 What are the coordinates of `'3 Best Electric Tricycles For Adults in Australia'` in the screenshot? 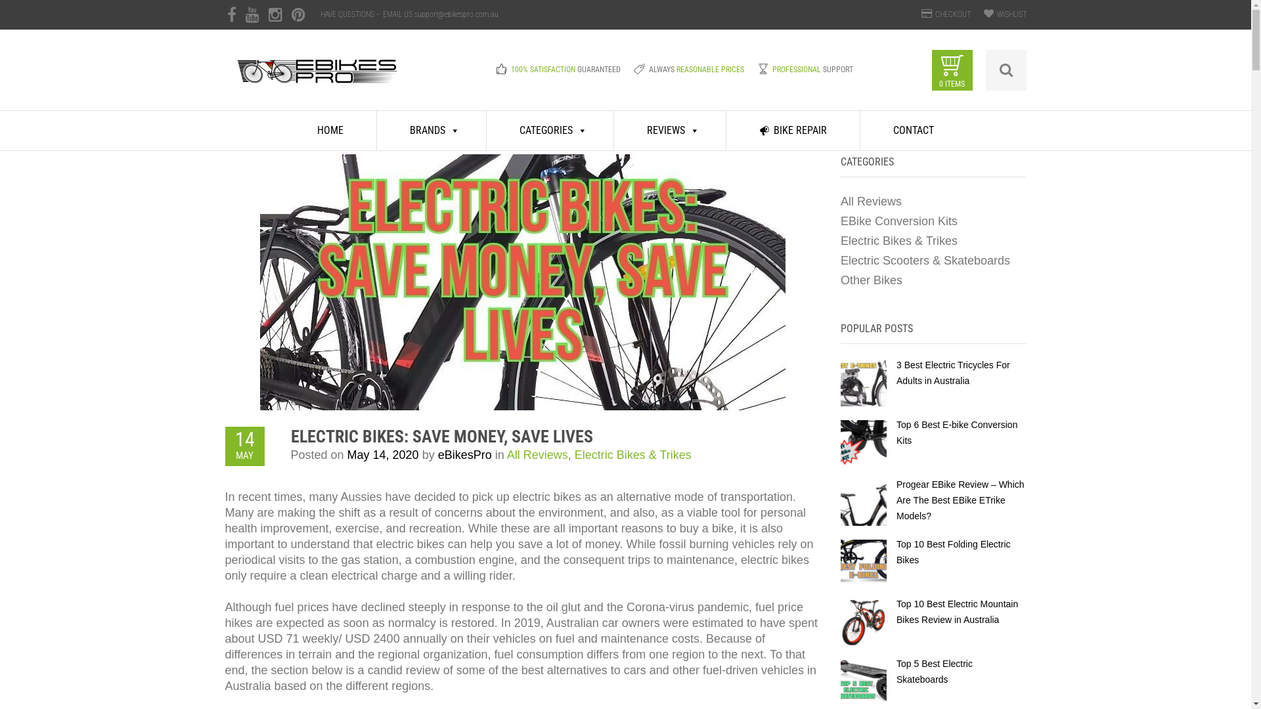 It's located at (953, 372).